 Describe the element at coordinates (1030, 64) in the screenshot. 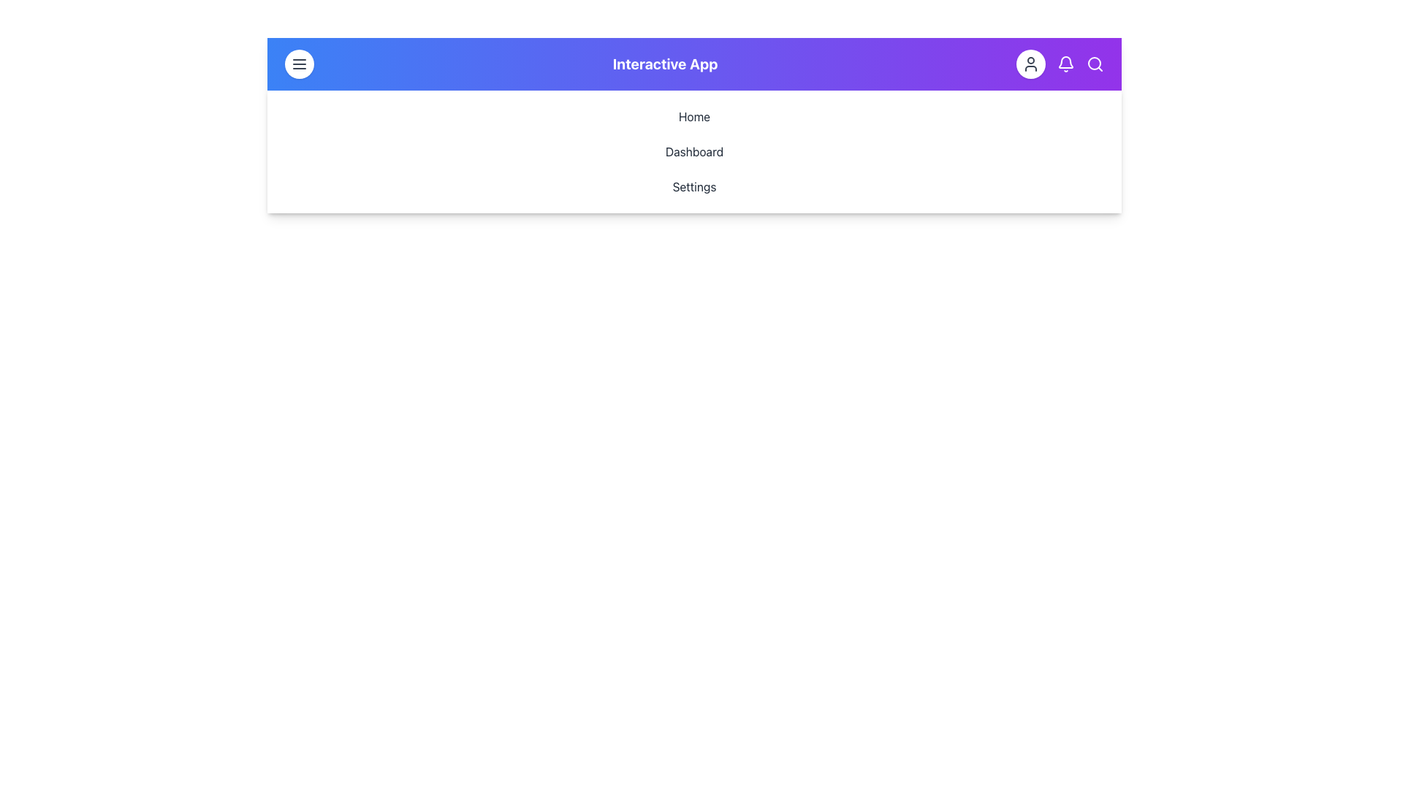

I see `the user silhouette icon in the top right corner of the navigation bar` at that location.